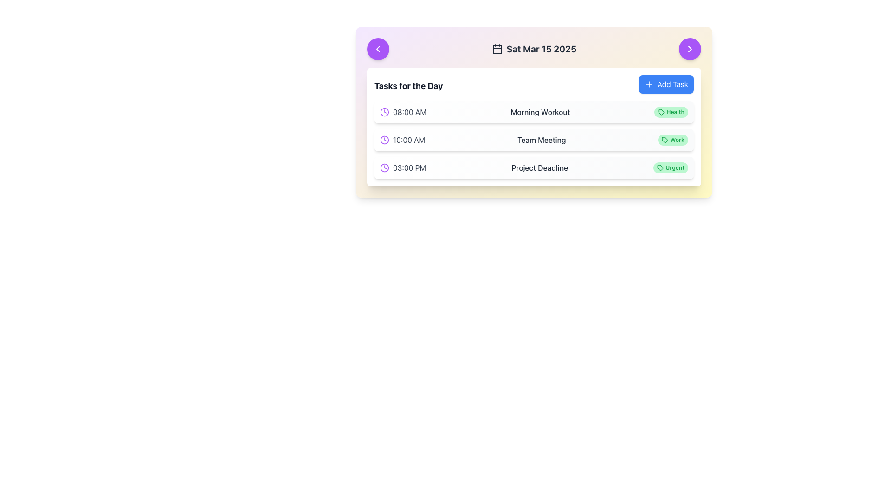 This screenshot has width=891, height=501. What do you see at coordinates (385, 140) in the screenshot?
I see `the circular purple clock icon located to the left of the text '10:00 AM', which is part of the schedule under 'Tasks for the Day'` at bounding box center [385, 140].